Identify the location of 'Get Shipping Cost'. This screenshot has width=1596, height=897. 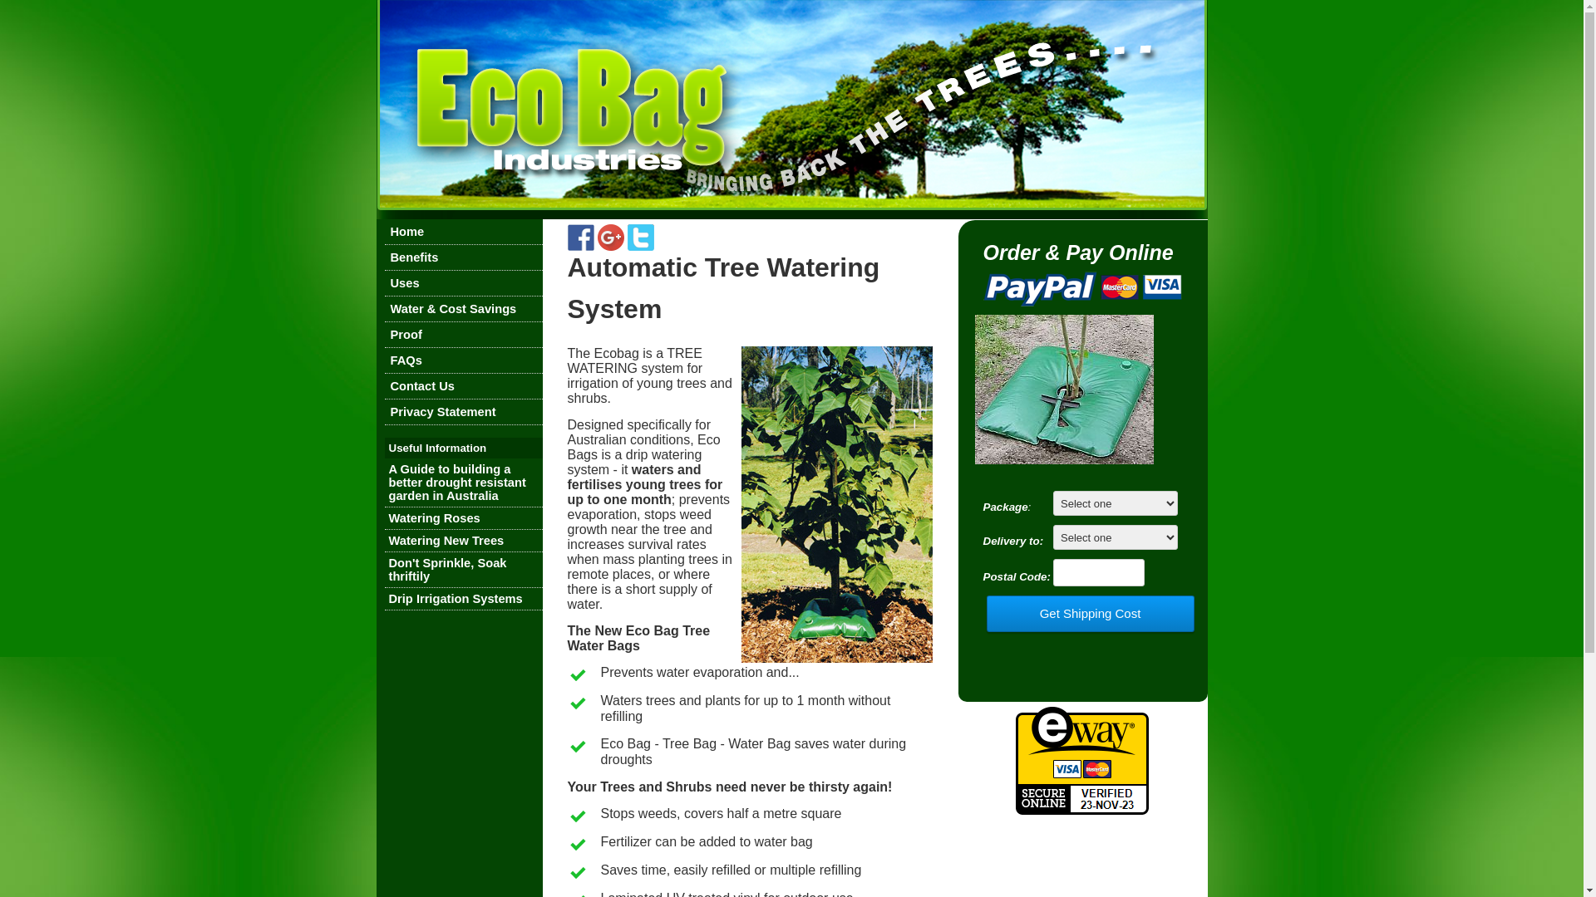
(1089, 614).